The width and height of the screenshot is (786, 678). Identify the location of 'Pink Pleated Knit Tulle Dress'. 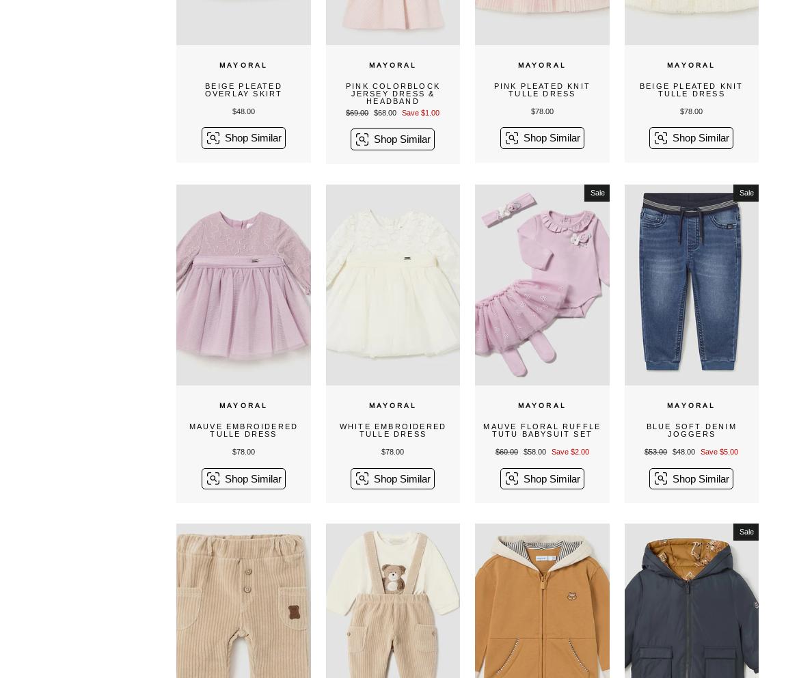
(541, 90).